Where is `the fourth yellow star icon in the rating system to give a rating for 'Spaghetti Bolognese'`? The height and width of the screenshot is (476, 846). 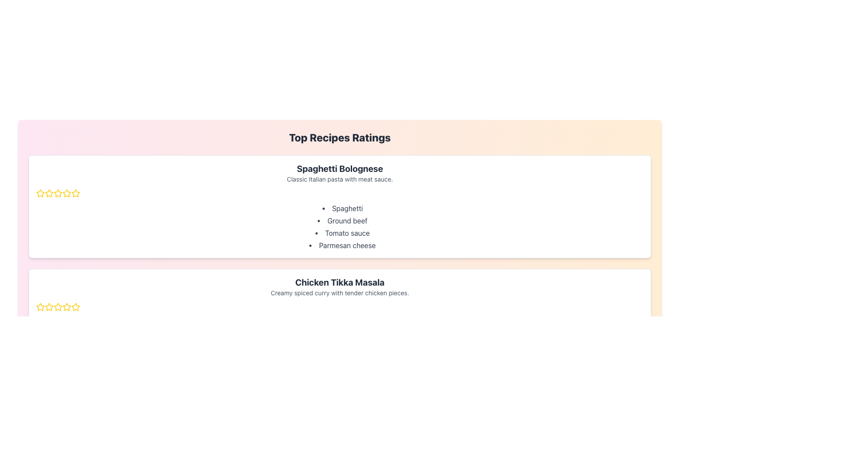
the fourth yellow star icon in the rating system to give a rating for 'Spaghetti Bolognese' is located at coordinates (58, 193).